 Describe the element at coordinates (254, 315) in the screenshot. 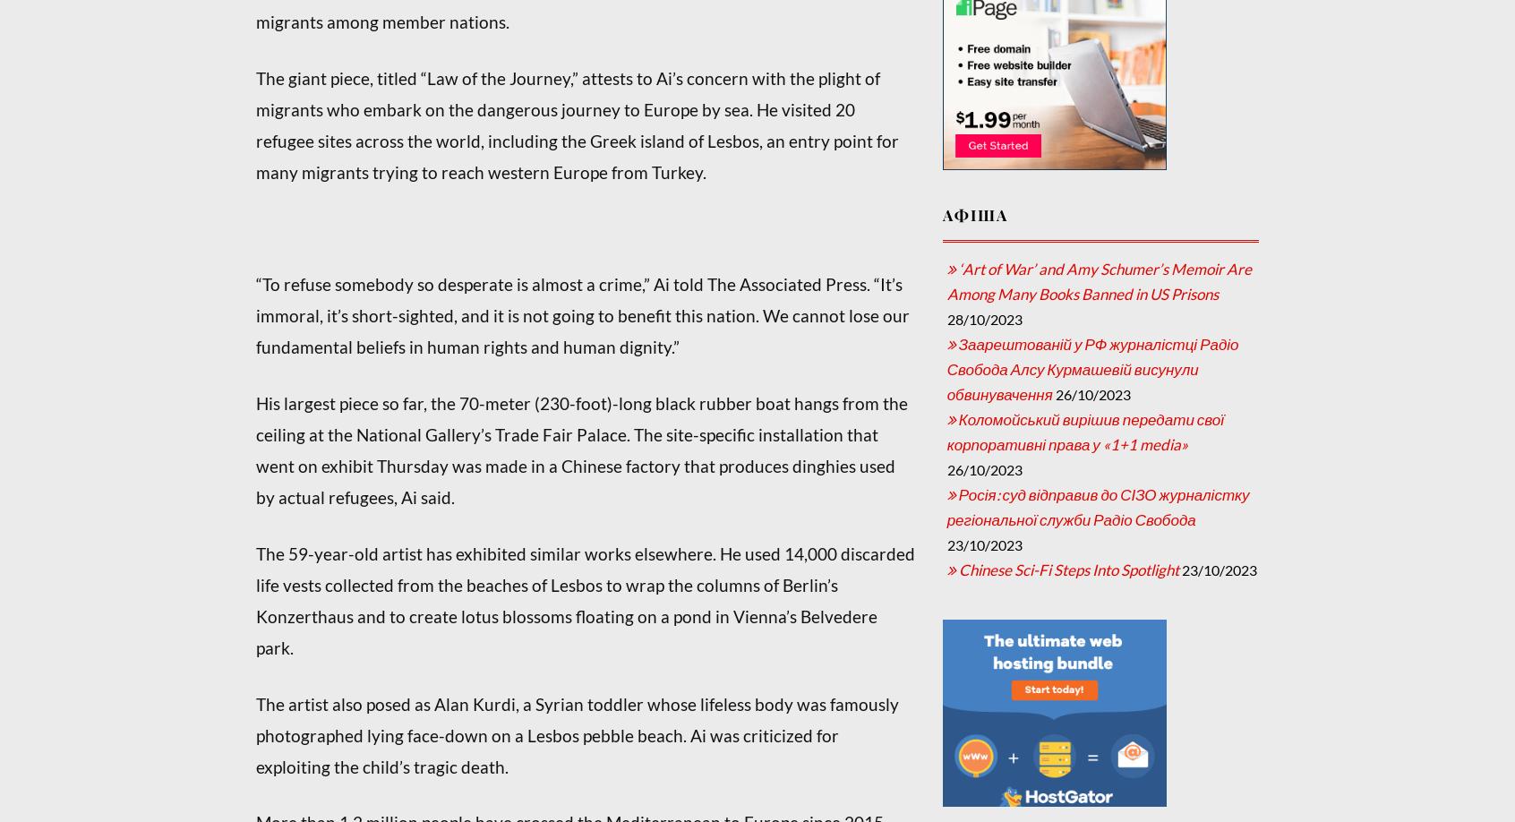

I see `'“To refuse somebody so desperate is almost a crime,” Ai told The Associated Press. “It’s immoral, it’s short-sighted, and it is not going to benefit this nation. We cannot lose our fundamental beliefs in human rights and human dignity.”'` at that location.